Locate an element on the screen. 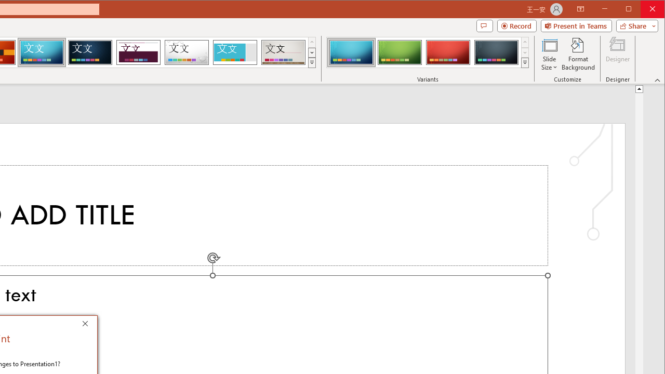 The height and width of the screenshot is (374, 665). 'Slide Size' is located at coordinates (549, 54).